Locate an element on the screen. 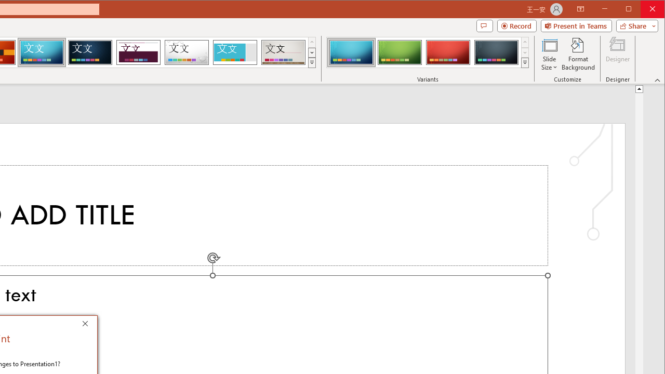 The height and width of the screenshot is (374, 665). 'Slide Size' is located at coordinates (549, 54).